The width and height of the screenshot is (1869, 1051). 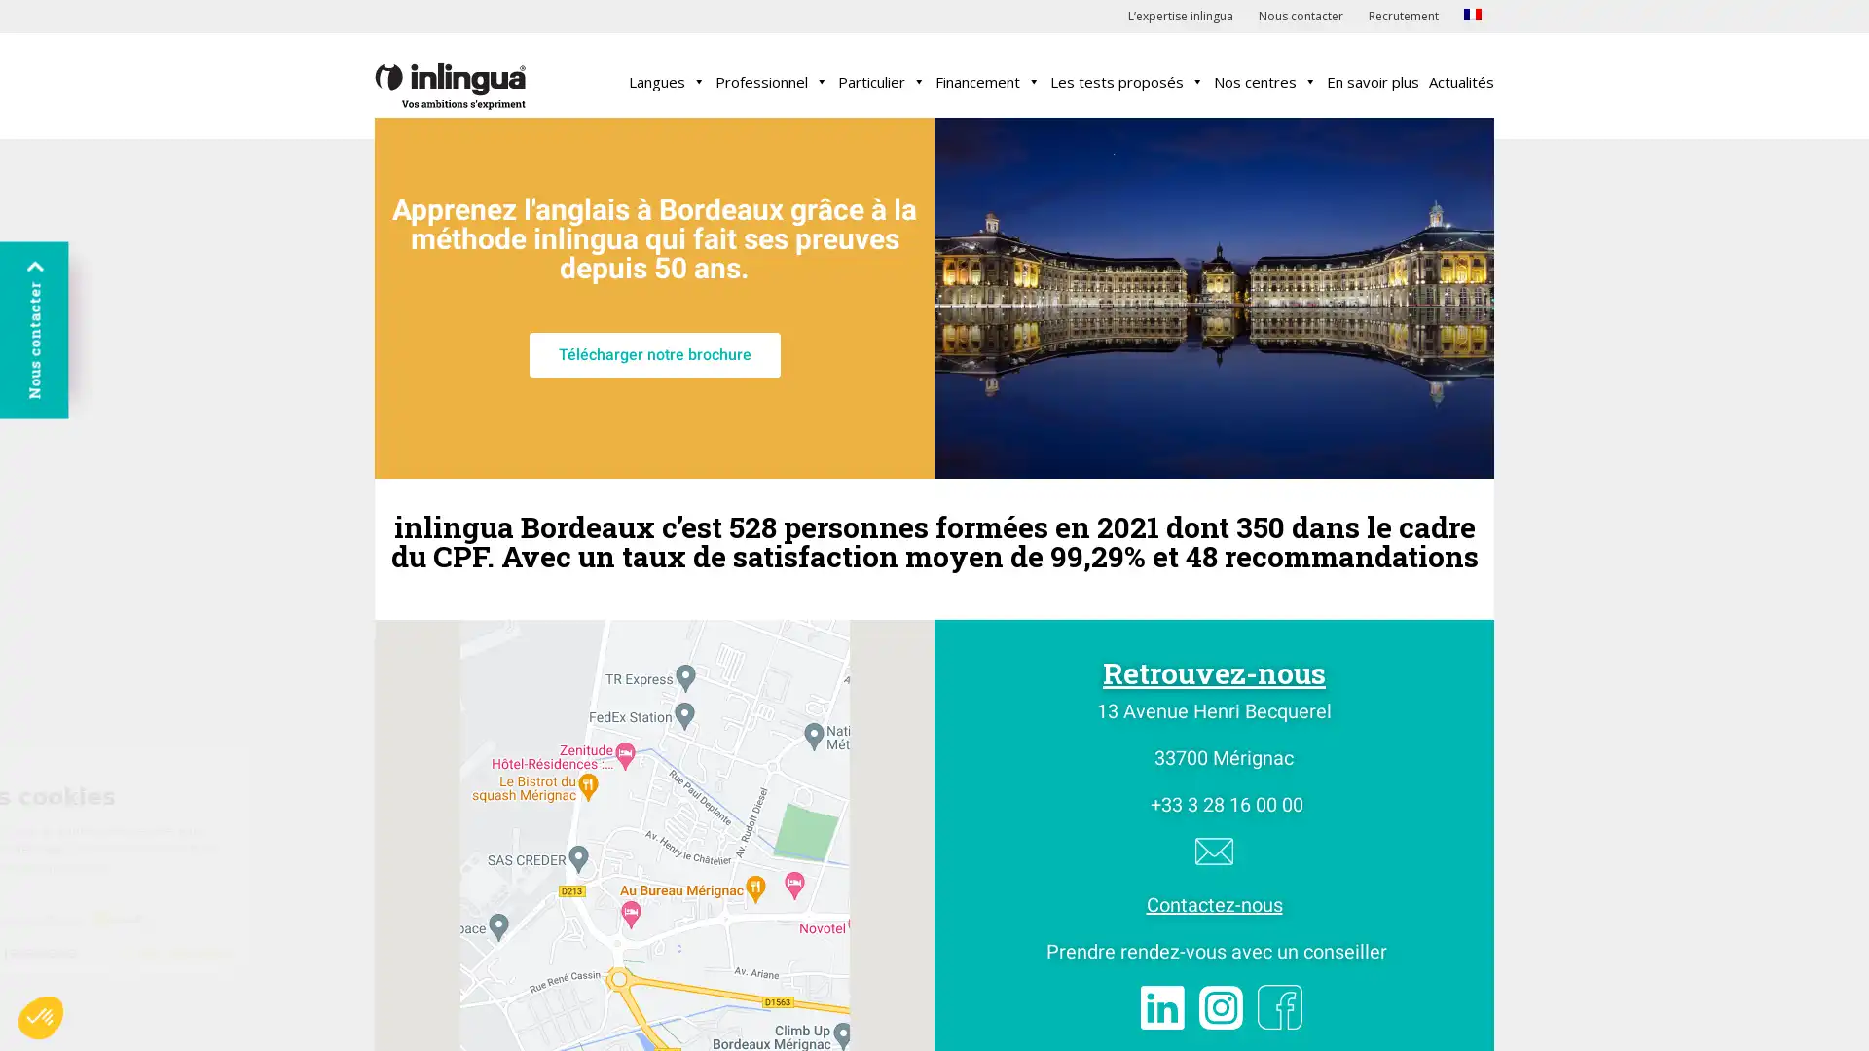 I want to click on Fermer, so click(x=41, y=1016).